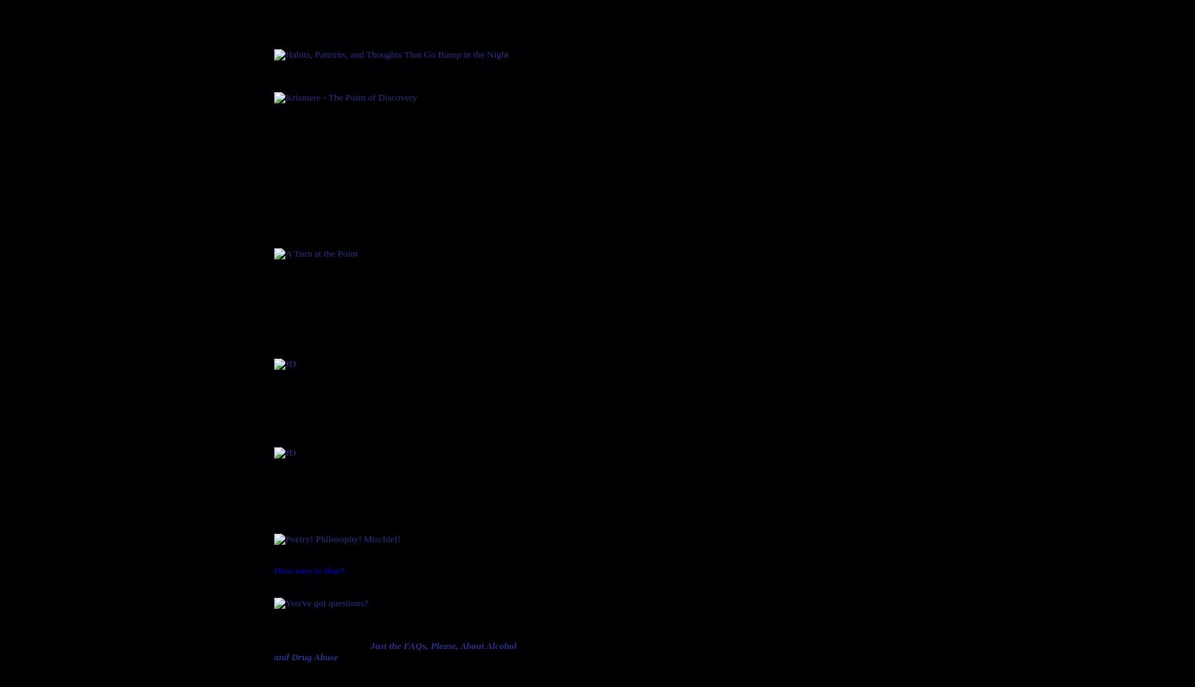  What do you see at coordinates (327, 463) in the screenshot?
I see `'For those who prefer Kindle'` at bounding box center [327, 463].